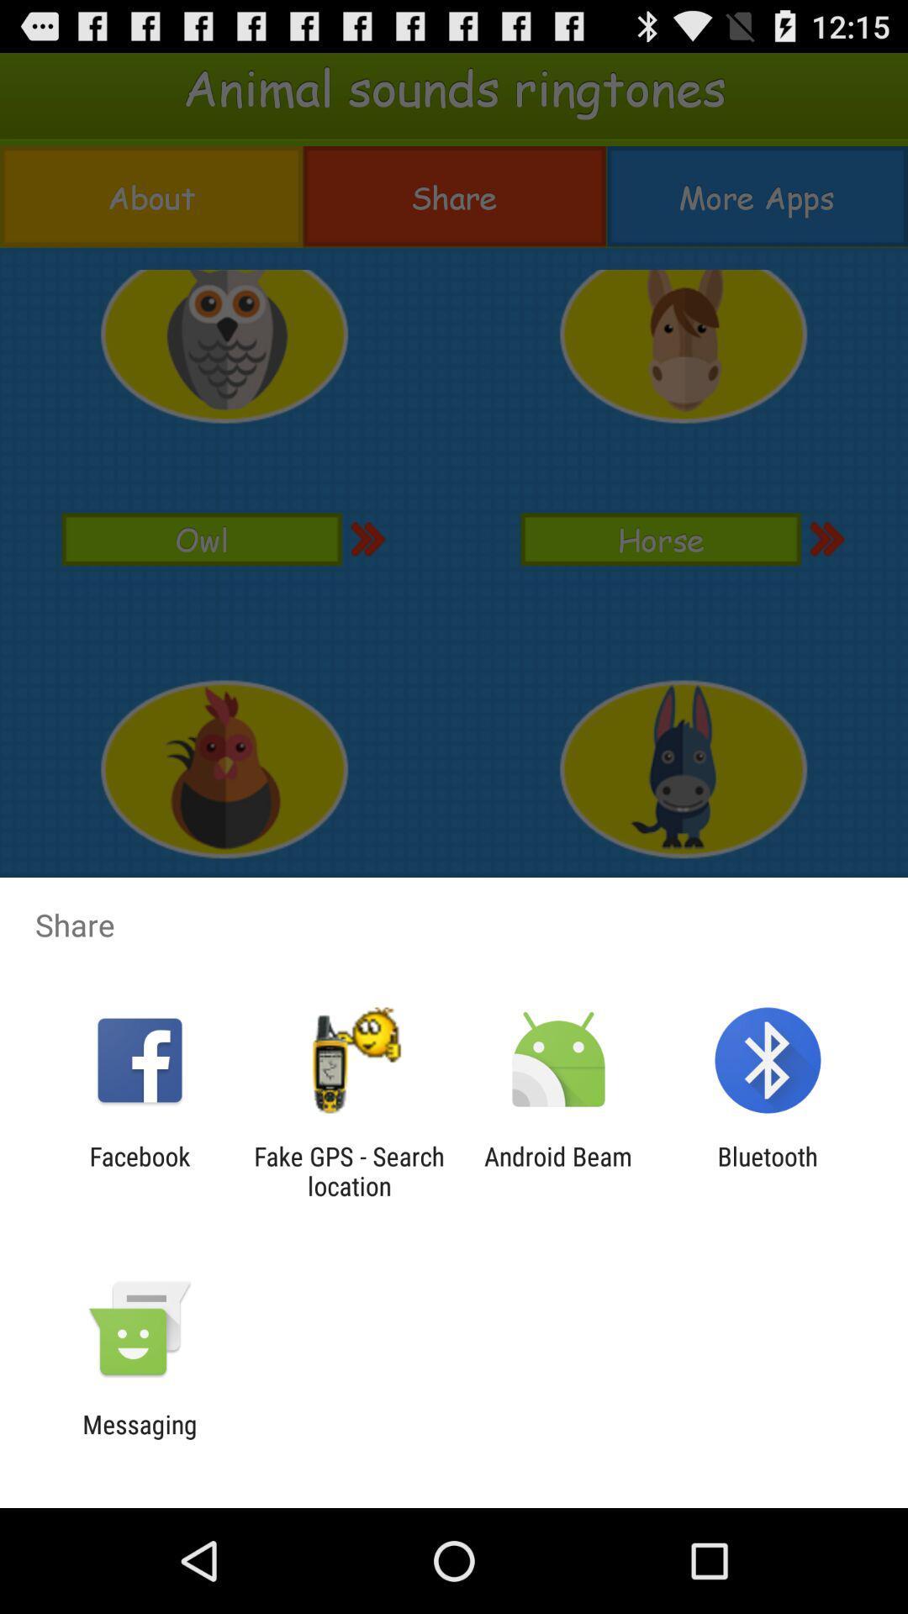 This screenshot has height=1614, width=908. I want to click on icon next to the android beam, so click(768, 1170).